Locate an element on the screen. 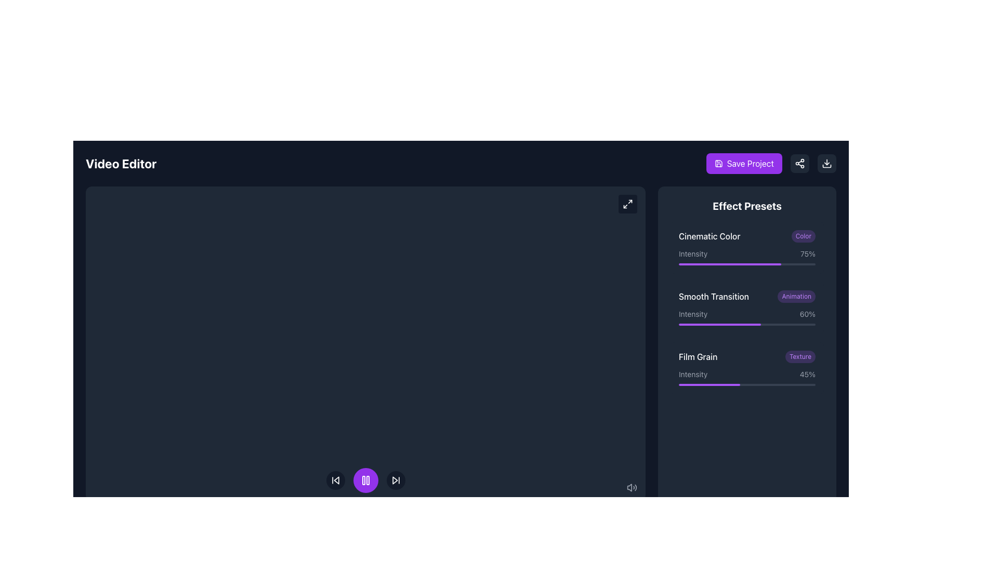 The height and width of the screenshot is (561, 998). the badge located to the right of the 'Cinematic Color' label in the 'Effect Presets' panel for additional information is located at coordinates (803, 236).